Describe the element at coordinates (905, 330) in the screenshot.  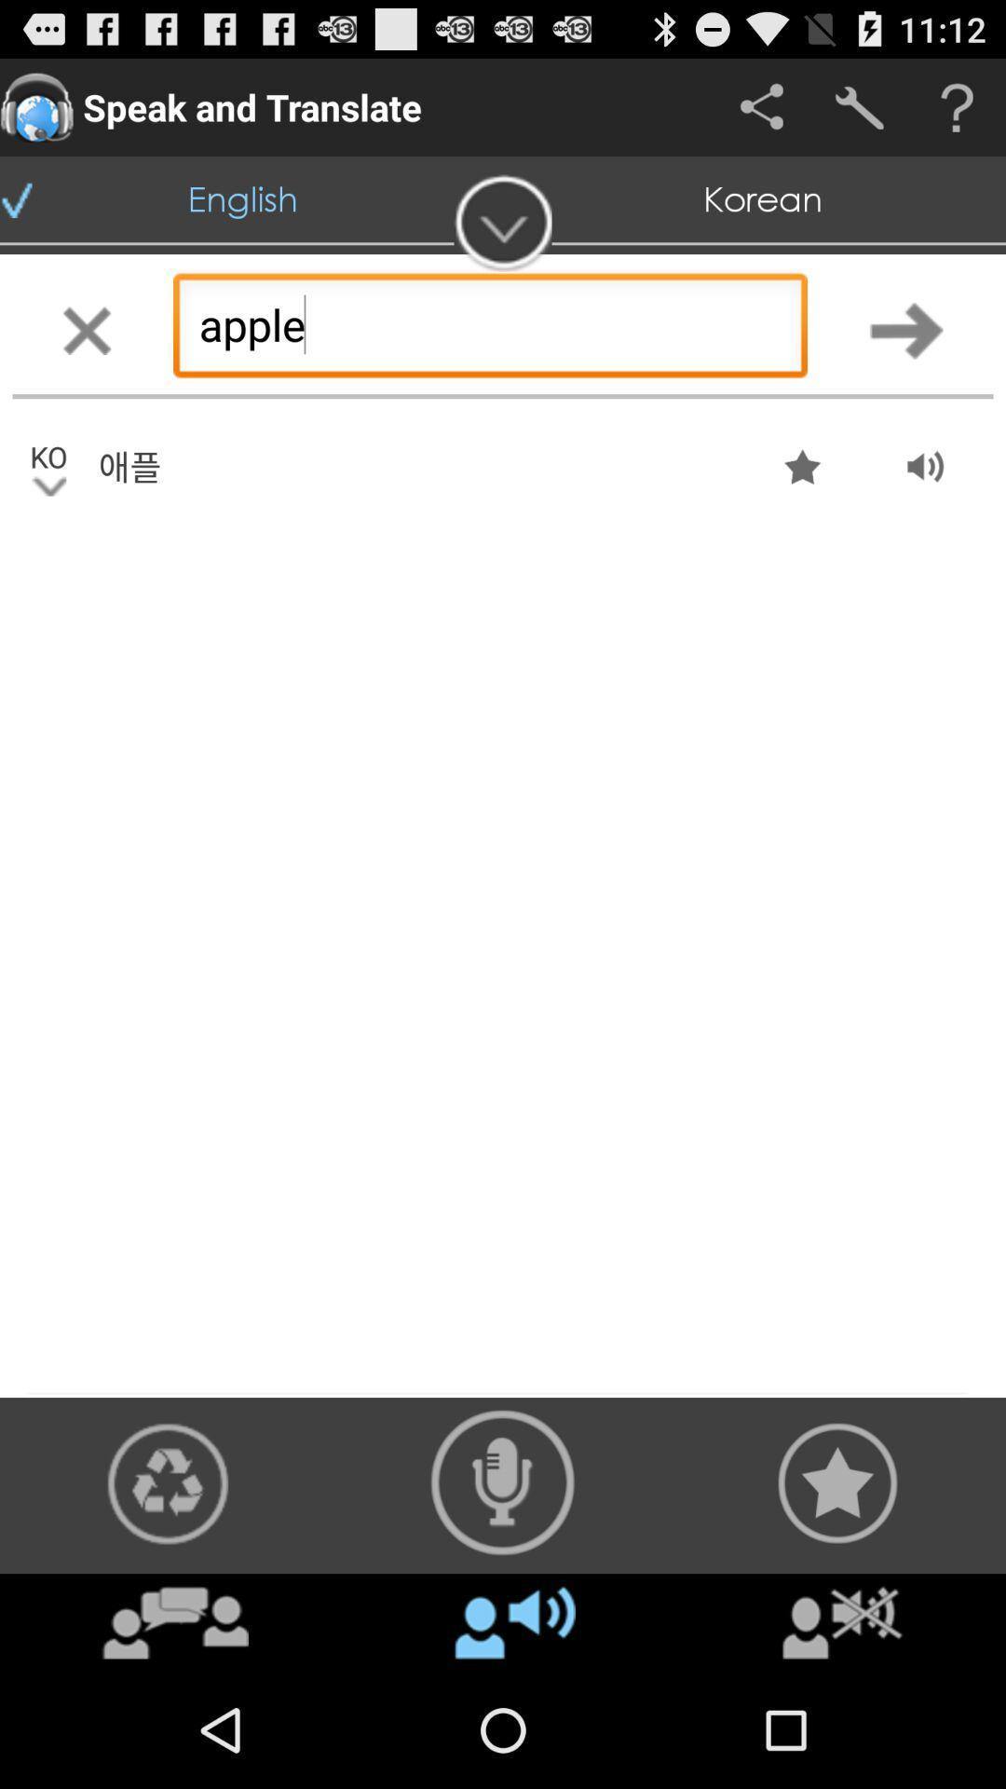
I see `input search` at that location.